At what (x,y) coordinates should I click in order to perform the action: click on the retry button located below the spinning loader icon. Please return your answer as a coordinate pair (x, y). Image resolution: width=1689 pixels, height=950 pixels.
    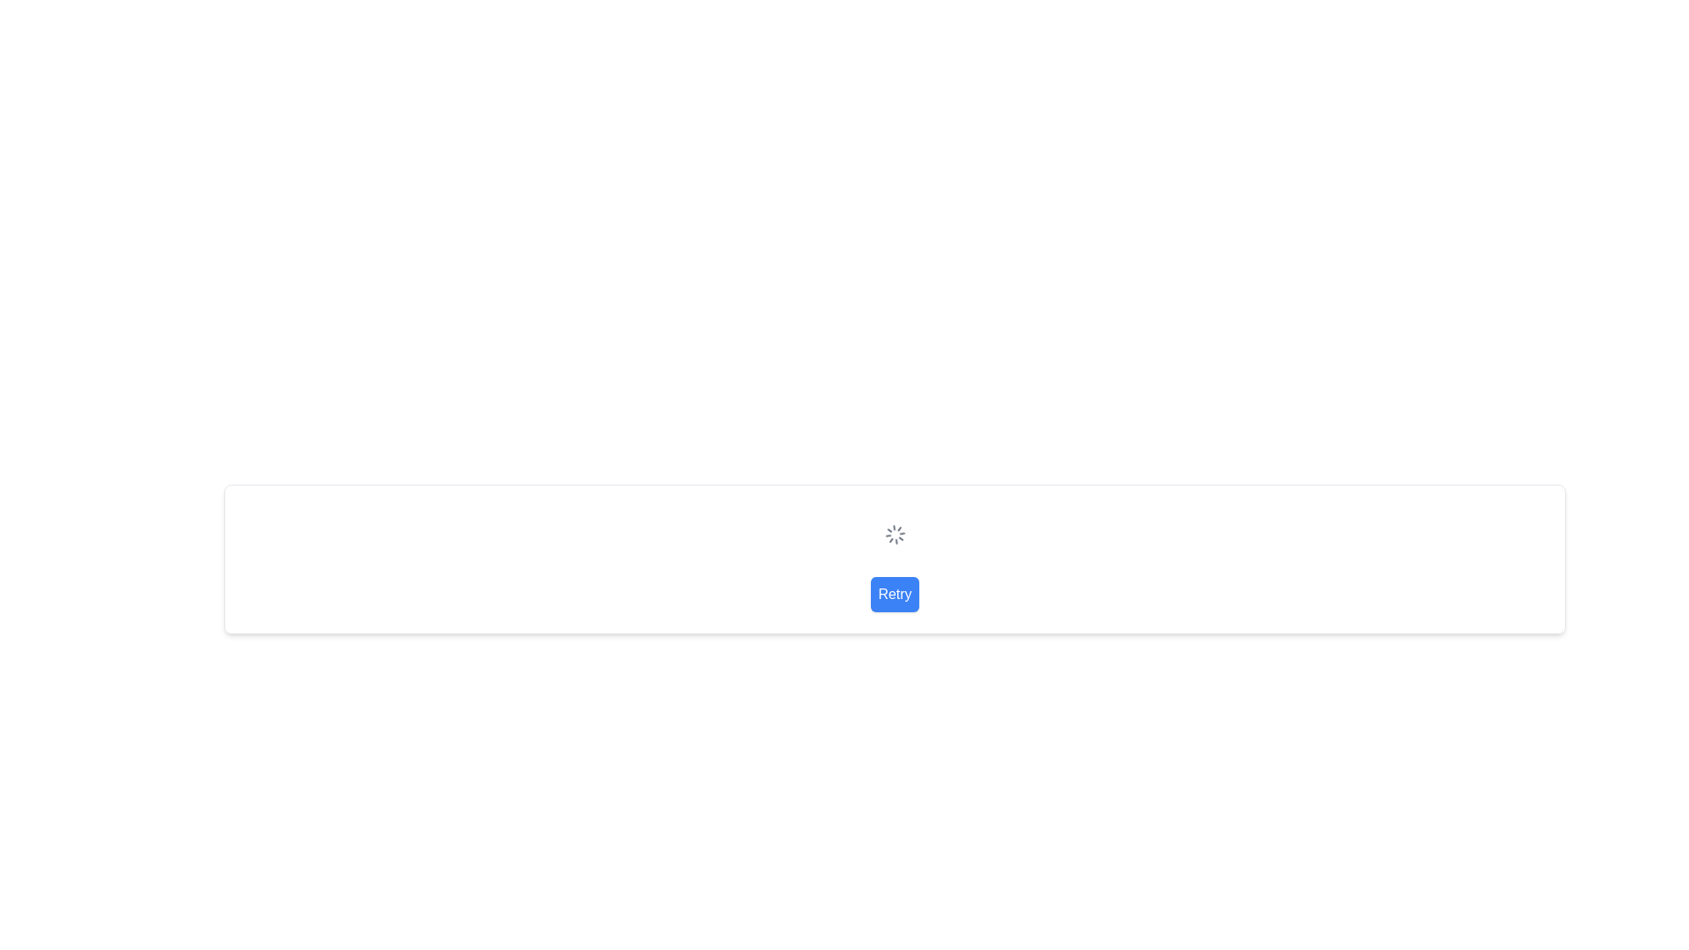
    Looking at the image, I should click on (895, 594).